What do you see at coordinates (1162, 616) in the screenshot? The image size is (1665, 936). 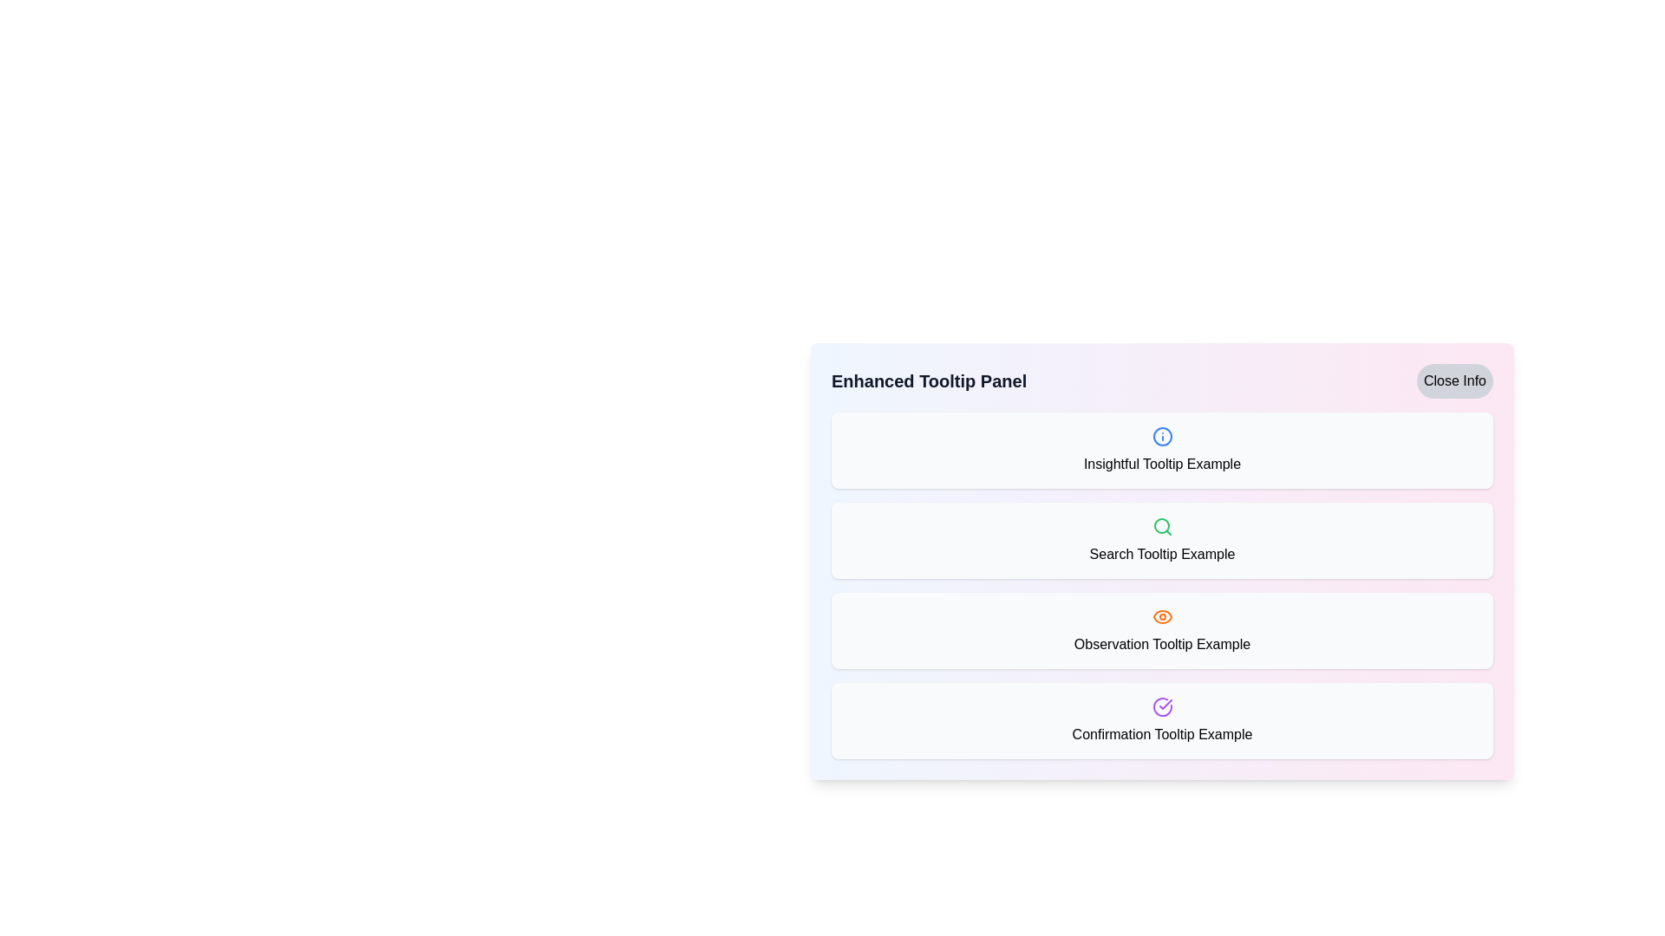 I see `the decorative Icon component within the third tooltip example option in the Enhanced Tooltip Panel` at bounding box center [1162, 616].